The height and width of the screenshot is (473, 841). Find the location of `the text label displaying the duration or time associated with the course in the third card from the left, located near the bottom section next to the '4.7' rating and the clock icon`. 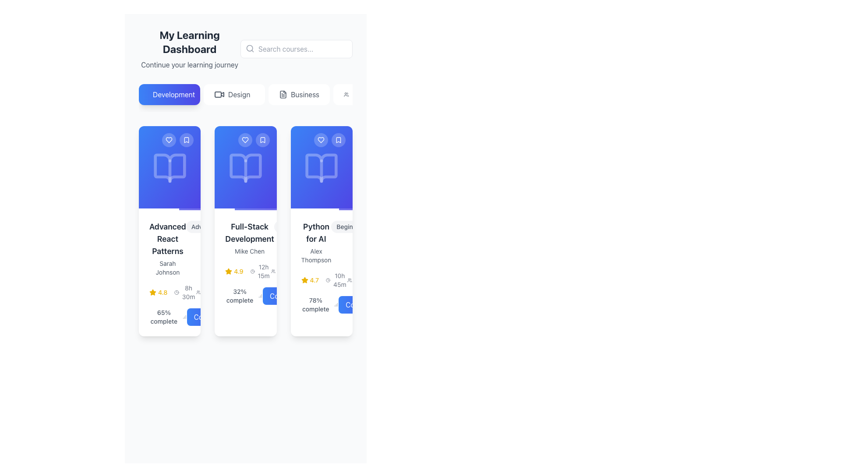

the text label displaying the duration or time associated with the course in the third card from the left, located near the bottom section next to the '4.7' rating and the clock icon is located at coordinates (336, 280).